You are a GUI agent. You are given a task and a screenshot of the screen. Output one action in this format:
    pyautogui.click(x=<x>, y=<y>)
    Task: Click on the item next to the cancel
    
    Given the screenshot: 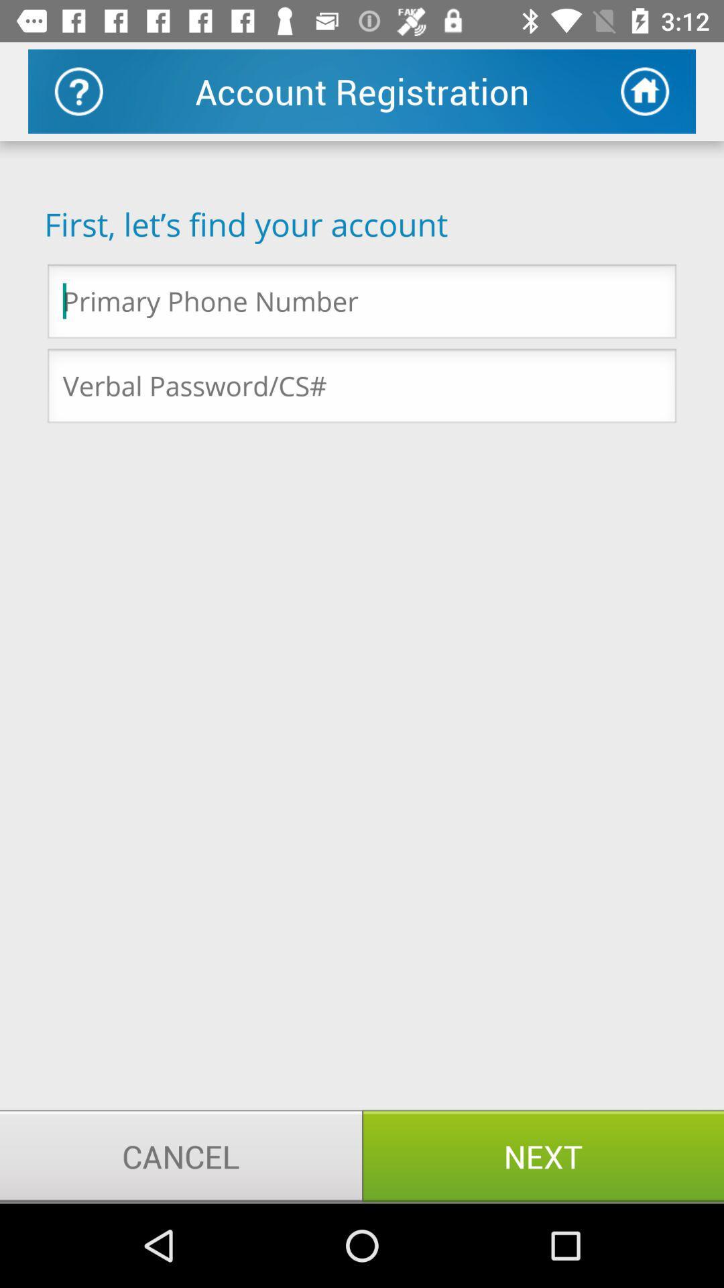 What is the action you would take?
    pyautogui.click(x=543, y=1155)
    